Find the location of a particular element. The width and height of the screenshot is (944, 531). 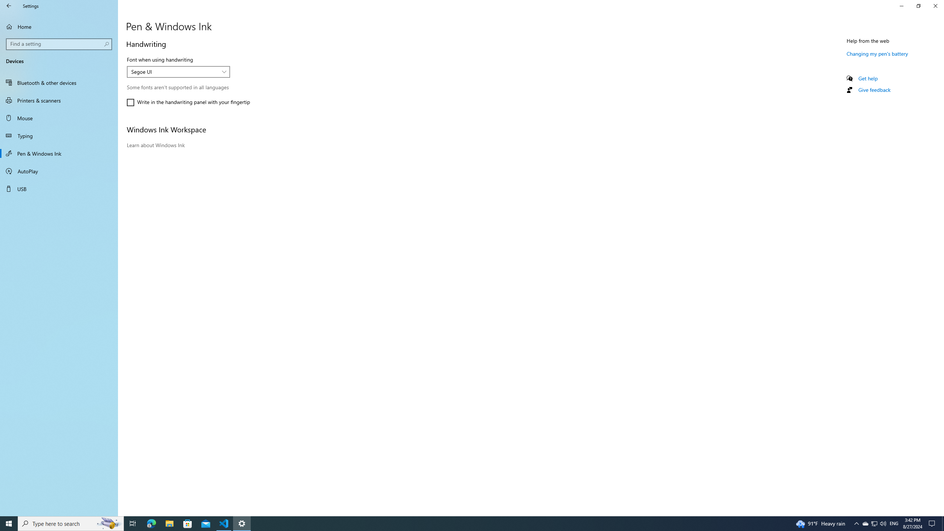

'USB' is located at coordinates (59, 188).